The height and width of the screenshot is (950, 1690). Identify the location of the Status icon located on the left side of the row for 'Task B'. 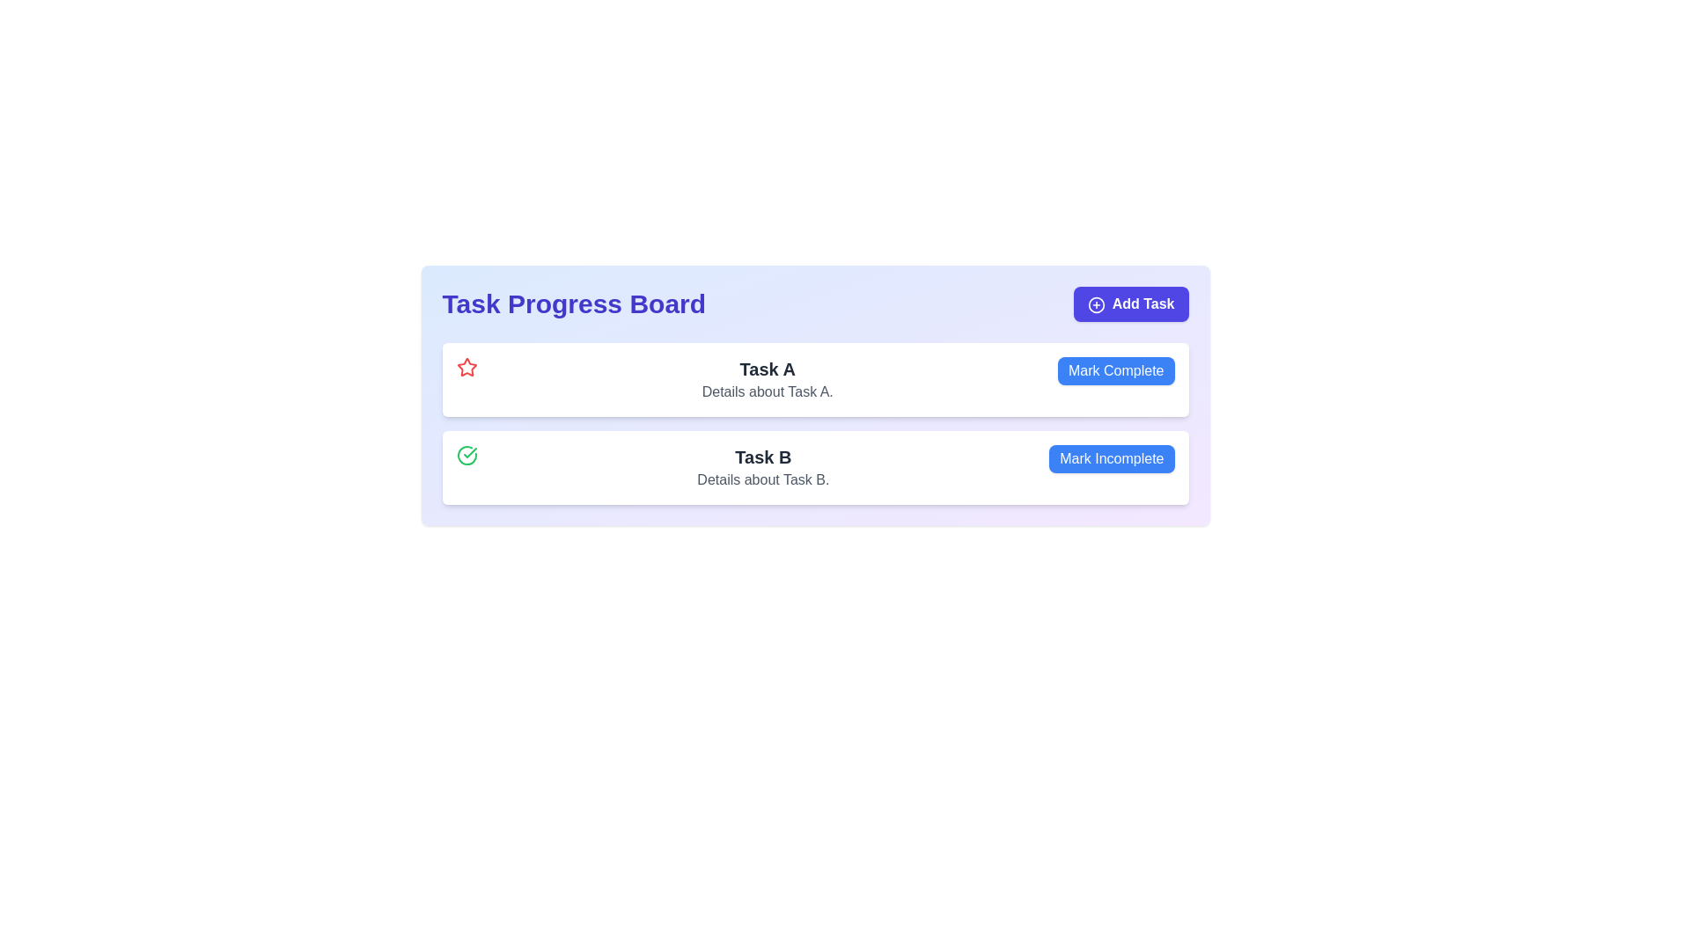
(467, 454).